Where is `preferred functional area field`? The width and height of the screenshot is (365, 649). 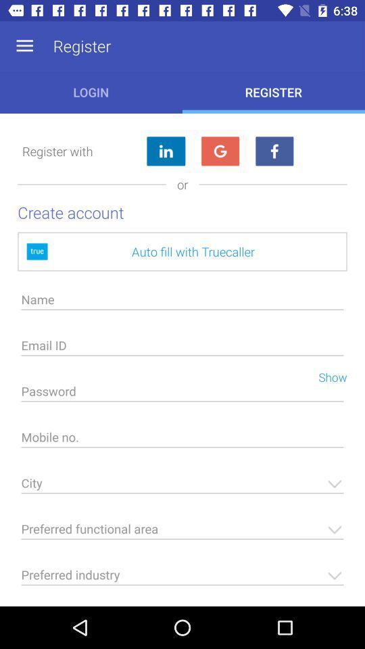 preferred functional area field is located at coordinates (182, 533).